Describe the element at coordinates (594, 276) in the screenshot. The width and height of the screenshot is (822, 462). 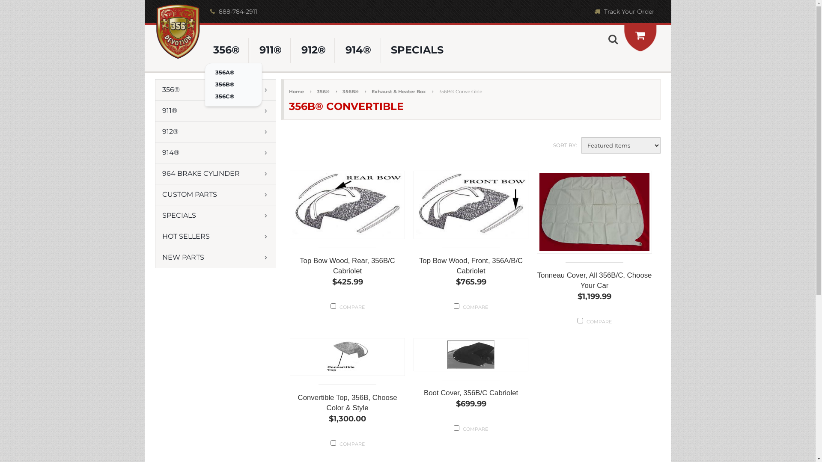
I see `'Tonneau Cover, All 356B/C, Choose Your Car'` at that location.